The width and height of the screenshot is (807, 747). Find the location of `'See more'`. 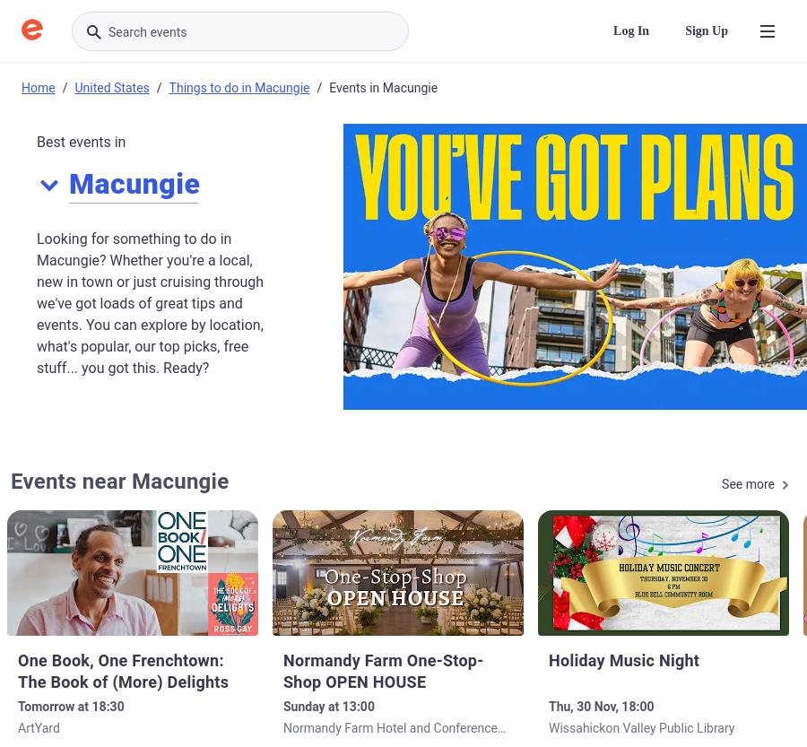

'See more' is located at coordinates (748, 482).